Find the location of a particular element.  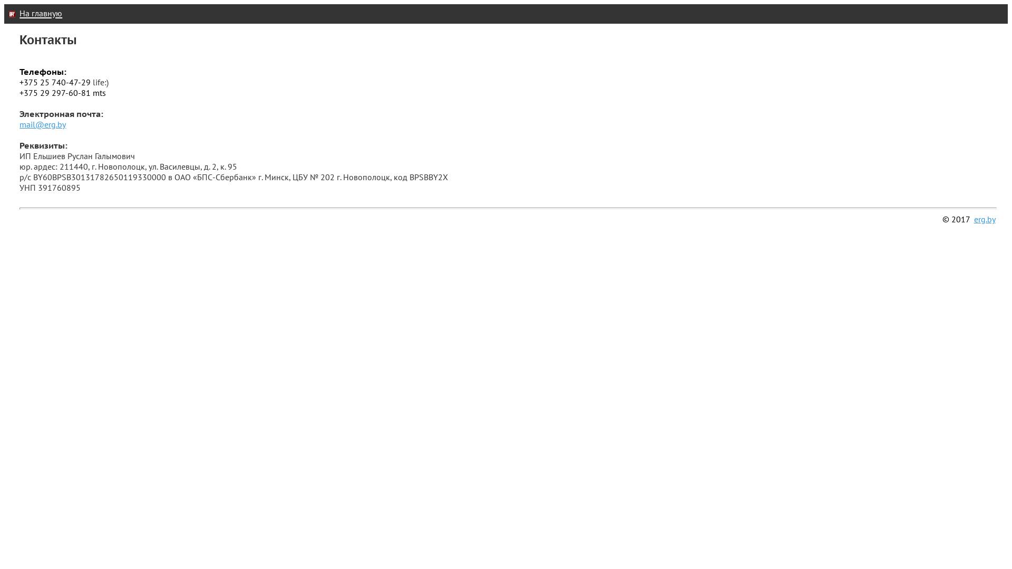

'+375 29 297-60-81' is located at coordinates (54, 92).